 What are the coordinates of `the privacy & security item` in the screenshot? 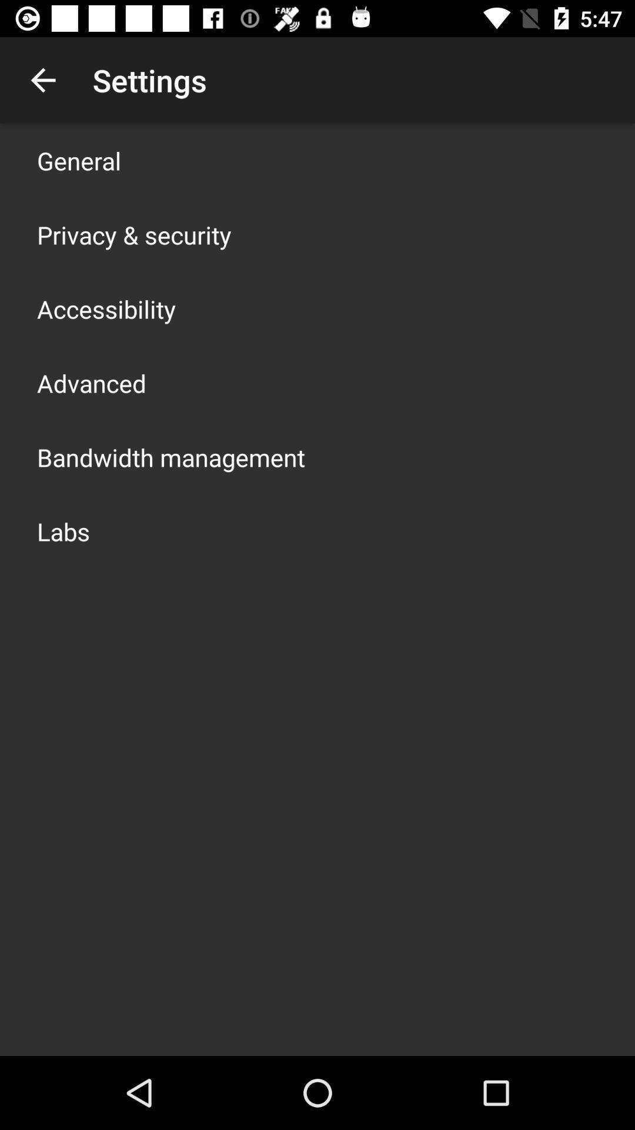 It's located at (133, 234).